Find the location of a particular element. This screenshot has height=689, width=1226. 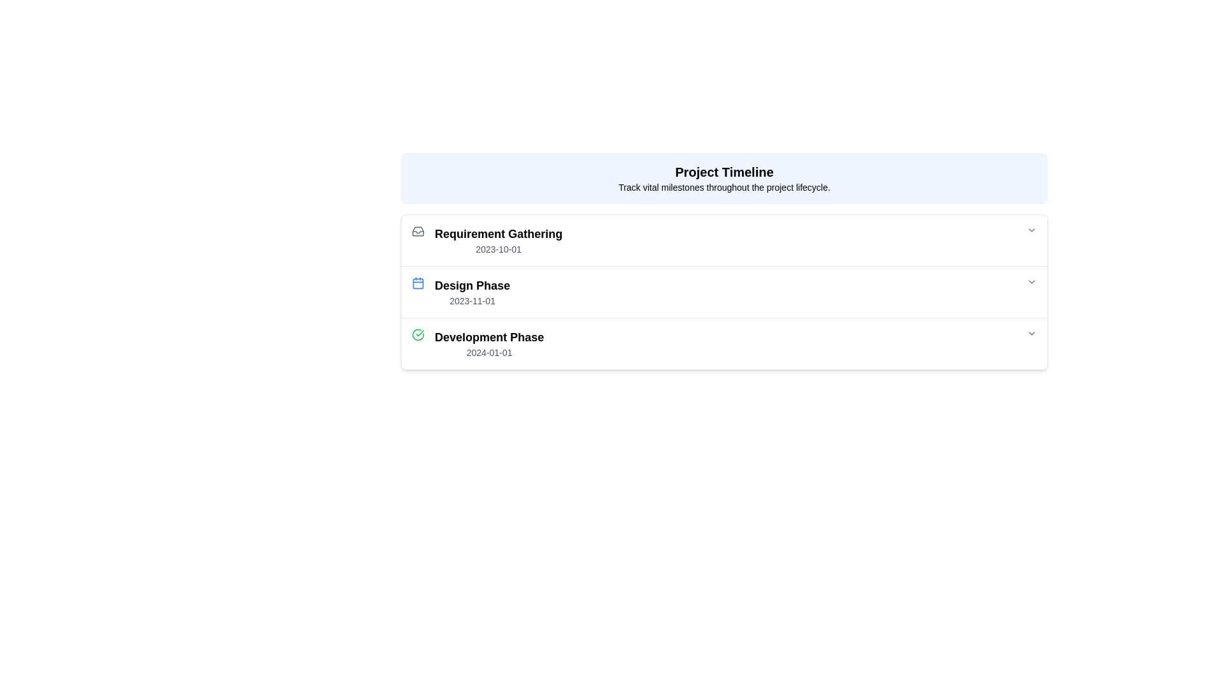

the 'Design Phase' row in the project timeline is located at coordinates (724, 292).